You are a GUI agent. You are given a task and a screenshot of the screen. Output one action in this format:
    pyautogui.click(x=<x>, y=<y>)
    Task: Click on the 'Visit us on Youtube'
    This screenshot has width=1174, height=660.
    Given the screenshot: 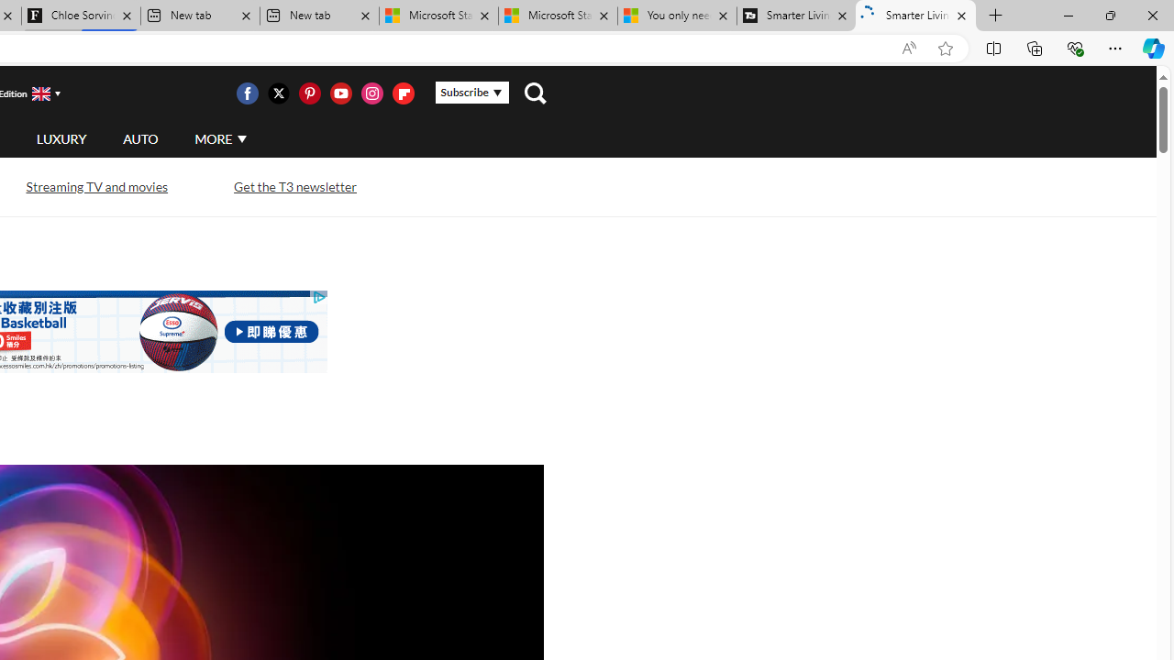 What is the action you would take?
    pyautogui.click(x=340, y=93)
    